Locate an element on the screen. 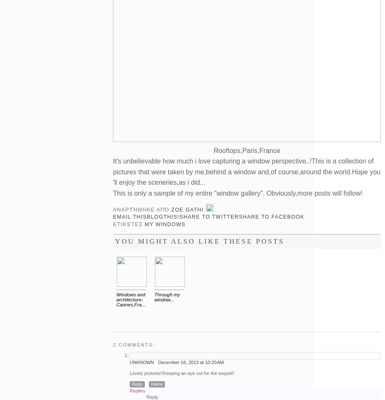 The height and width of the screenshot is (400, 385). '2 comments:' is located at coordinates (133, 344).